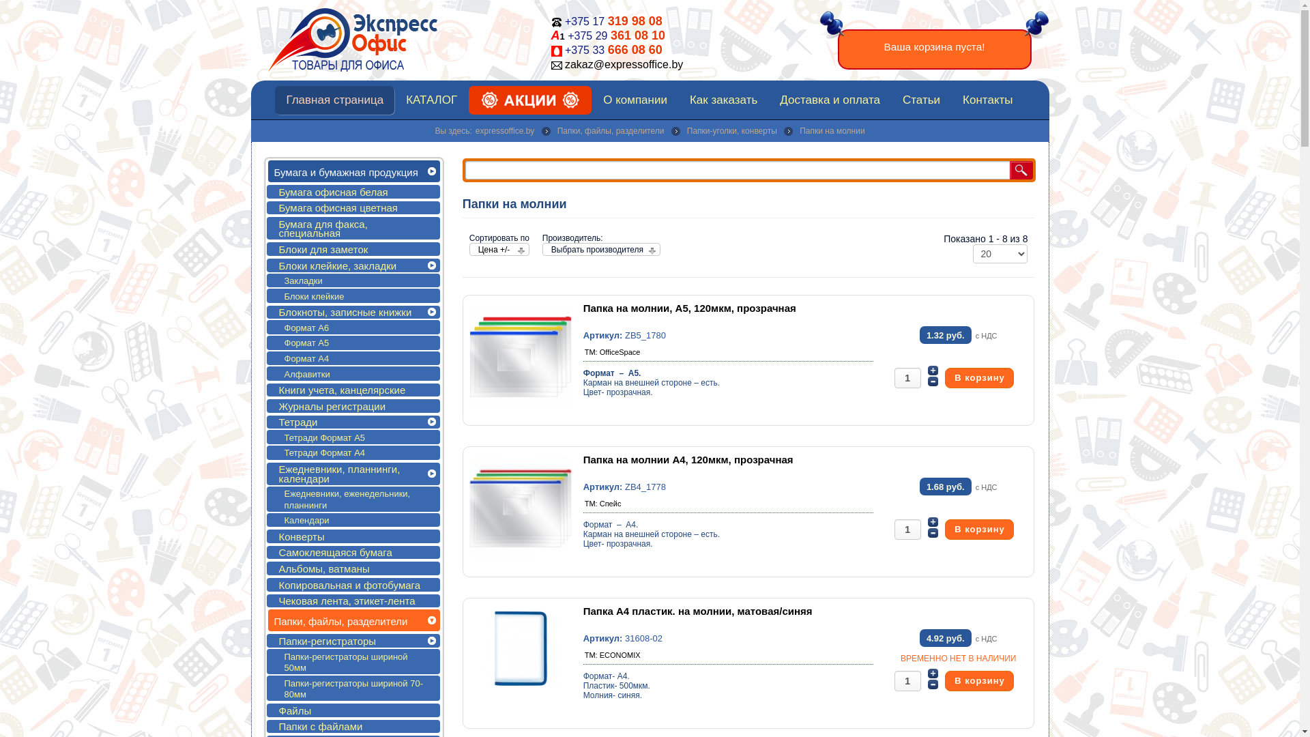 The height and width of the screenshot is (737, 1310). I want to click on 'expressoffice.by', so click(504, 131).